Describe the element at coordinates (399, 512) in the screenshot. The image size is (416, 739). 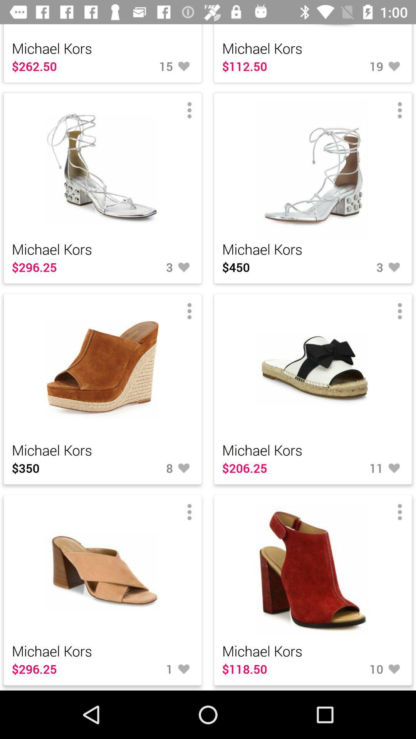
I see `the menu bar on the bottom right image` at that location.